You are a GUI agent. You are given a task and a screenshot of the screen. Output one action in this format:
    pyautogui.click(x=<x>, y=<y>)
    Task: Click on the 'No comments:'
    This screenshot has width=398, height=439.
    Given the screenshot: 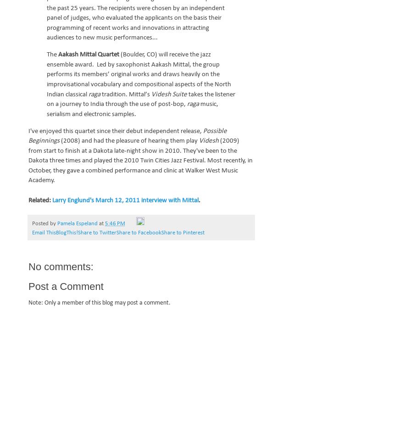 What is the action you would take?
    pyautogui.click(x=28, y=266)
    